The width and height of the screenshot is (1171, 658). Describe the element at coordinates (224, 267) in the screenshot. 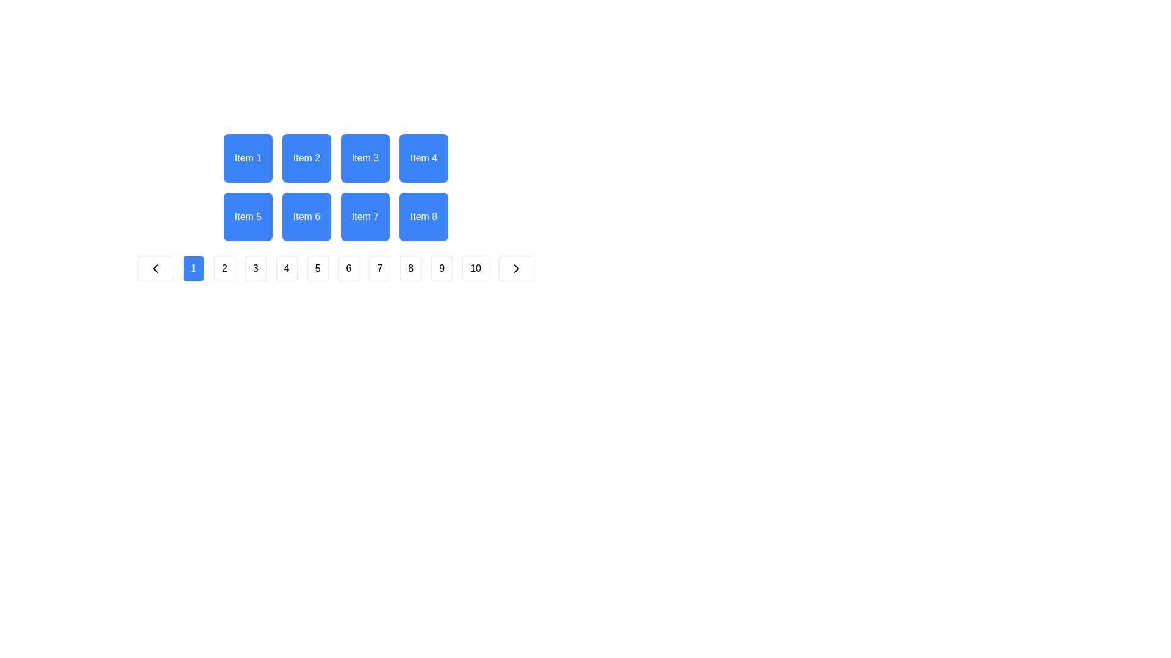

I see `the second button in the pagination control section at the bottom-center of the interface` at that location.